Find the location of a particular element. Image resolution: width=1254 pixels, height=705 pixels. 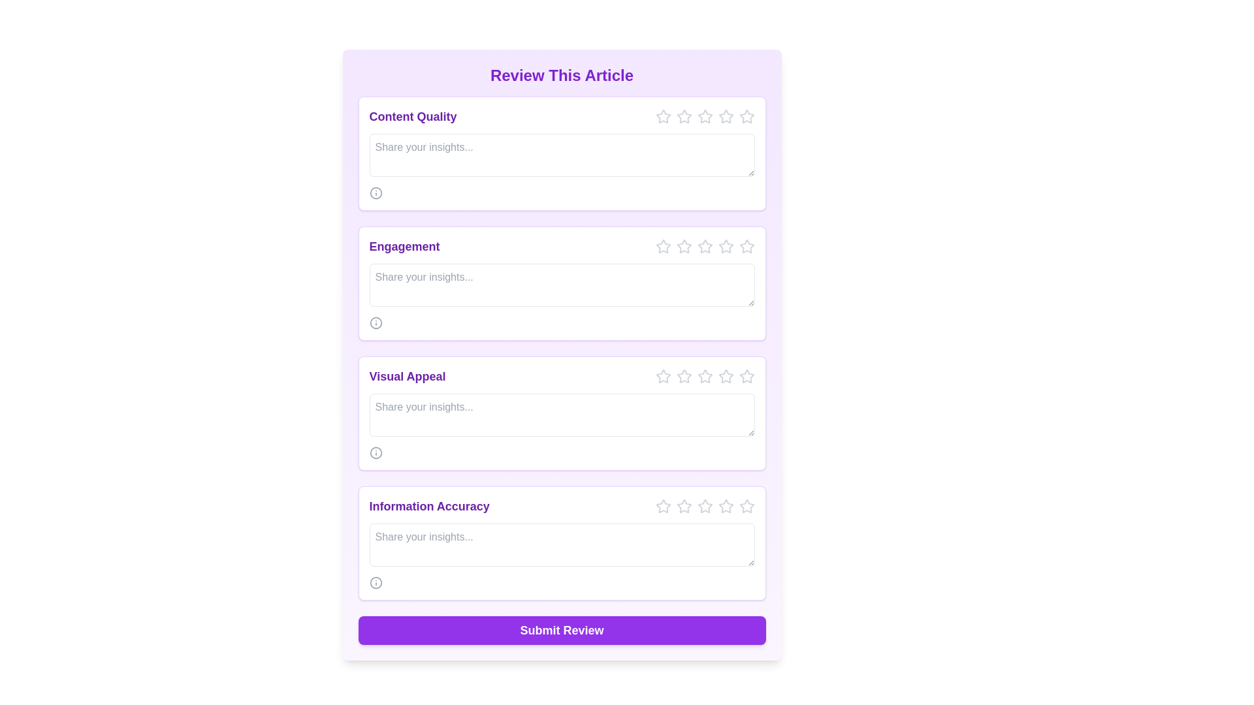

the fifth star icon in the 'Visual Appeal' rating section to set a rating is located at coordinates (724, 375).